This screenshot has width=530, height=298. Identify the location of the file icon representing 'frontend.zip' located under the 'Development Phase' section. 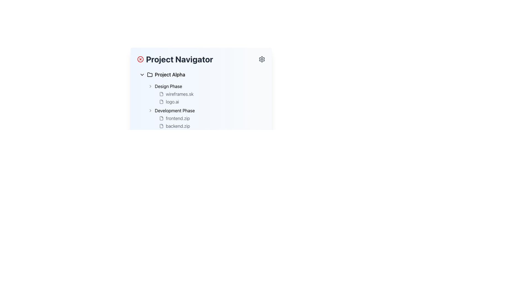
(161, 118).